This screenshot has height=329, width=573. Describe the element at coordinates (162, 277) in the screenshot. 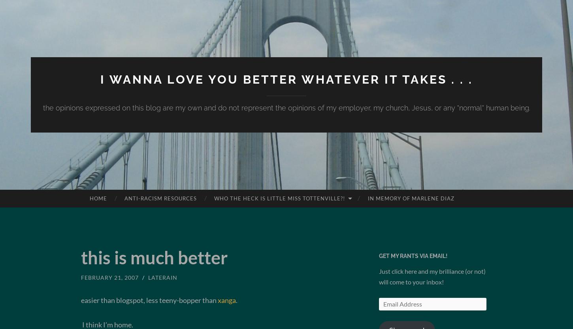

I see `'laterain'` at that location.